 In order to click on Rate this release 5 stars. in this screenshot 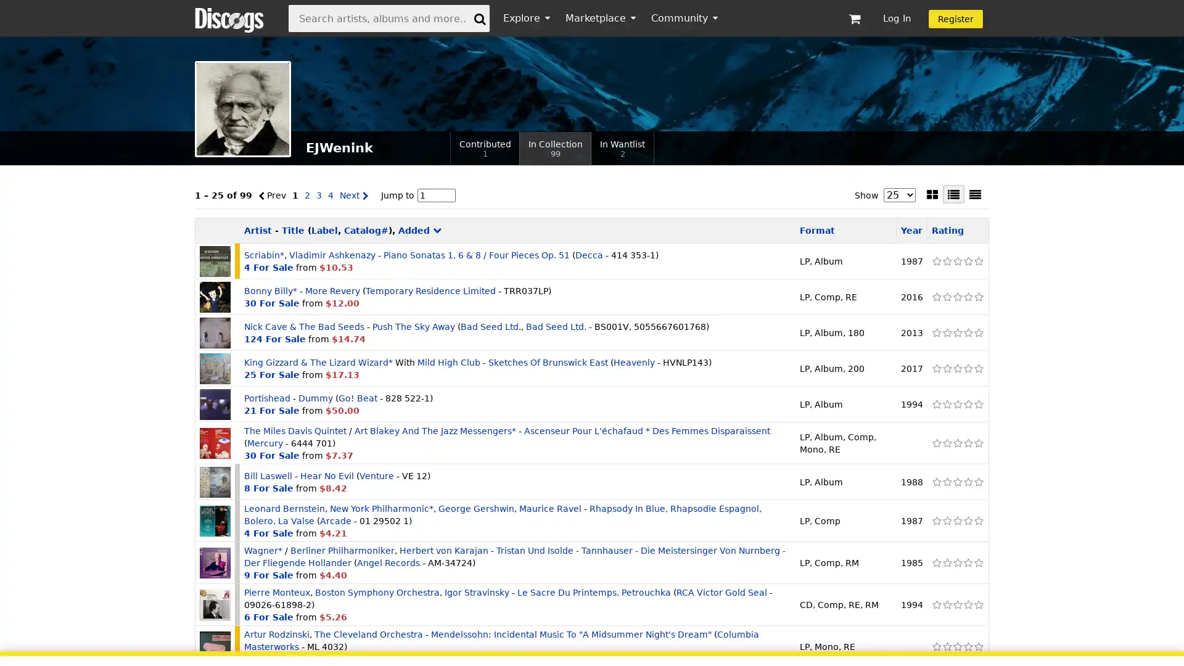, I will do `click(977, 604)`.